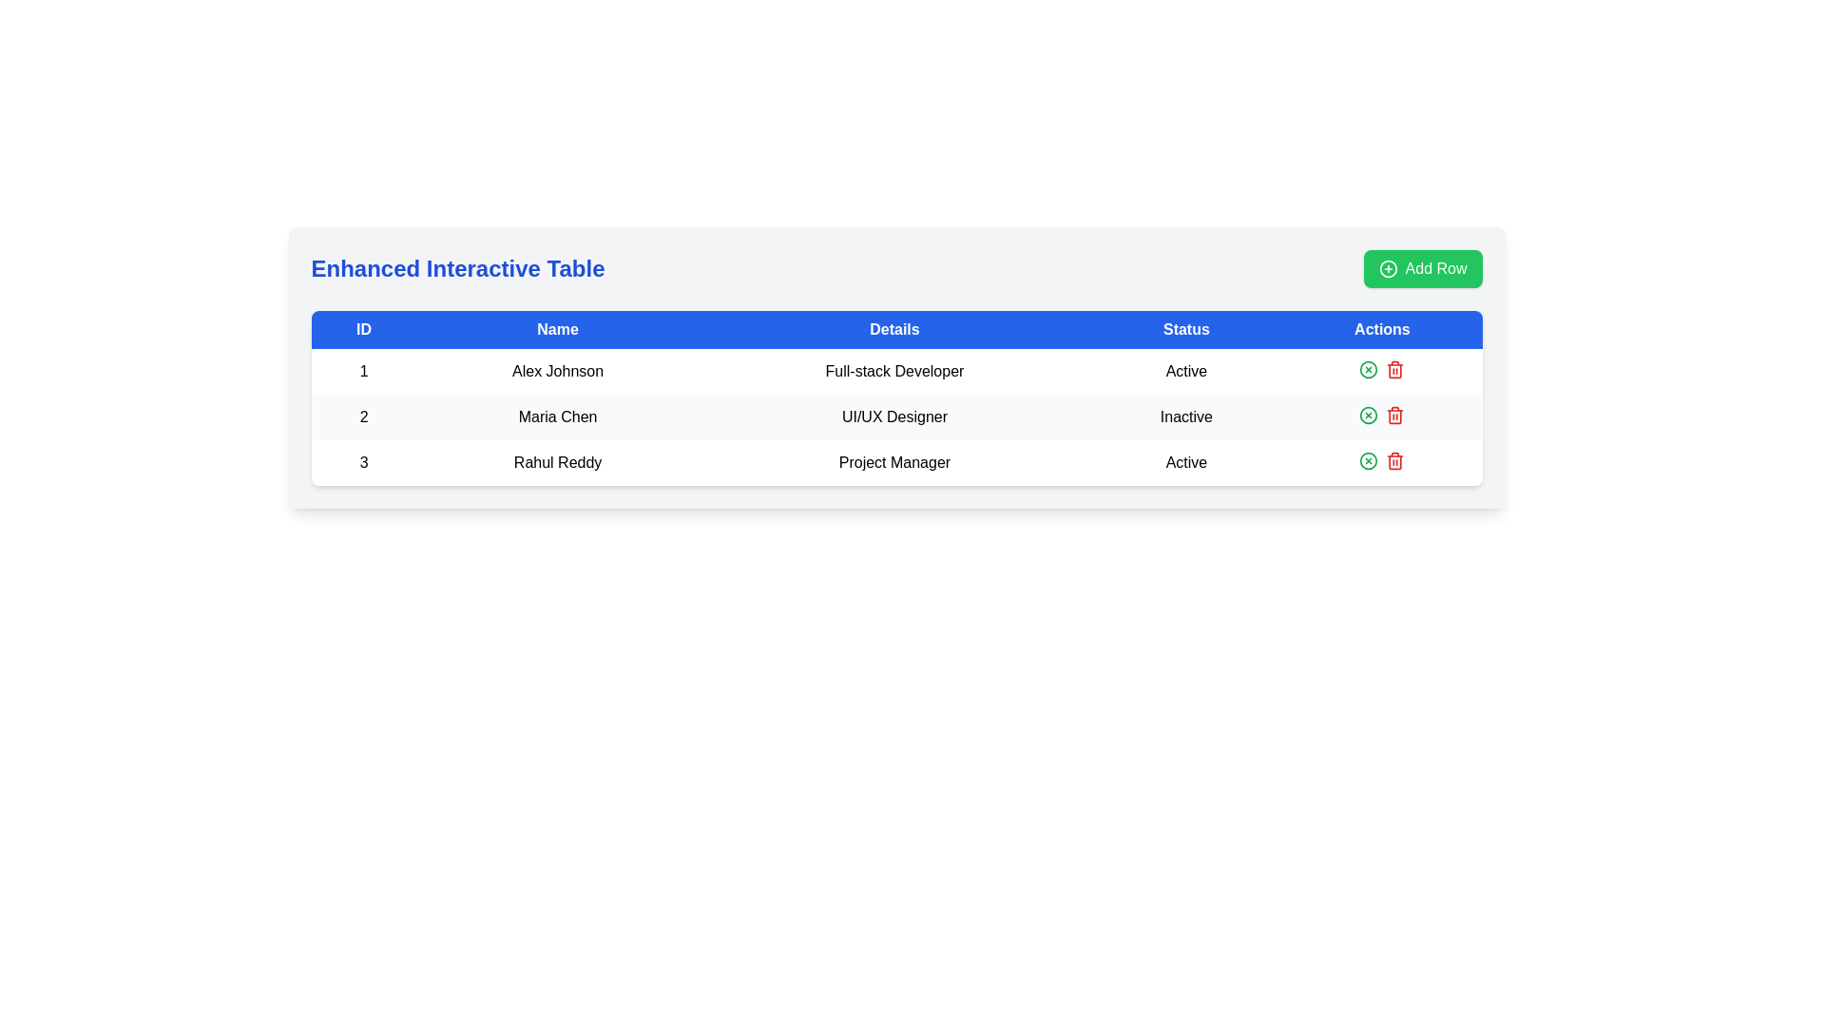 This screenshot has width=1825, height=1027. Describe the element at coordinates (893, 462) in the screenshot. I see `the text label reading 'Project Manager' located in the third row of the table under the 'Details' column, positioned between 'Rahul Reddy' and 'Active'` at that location.